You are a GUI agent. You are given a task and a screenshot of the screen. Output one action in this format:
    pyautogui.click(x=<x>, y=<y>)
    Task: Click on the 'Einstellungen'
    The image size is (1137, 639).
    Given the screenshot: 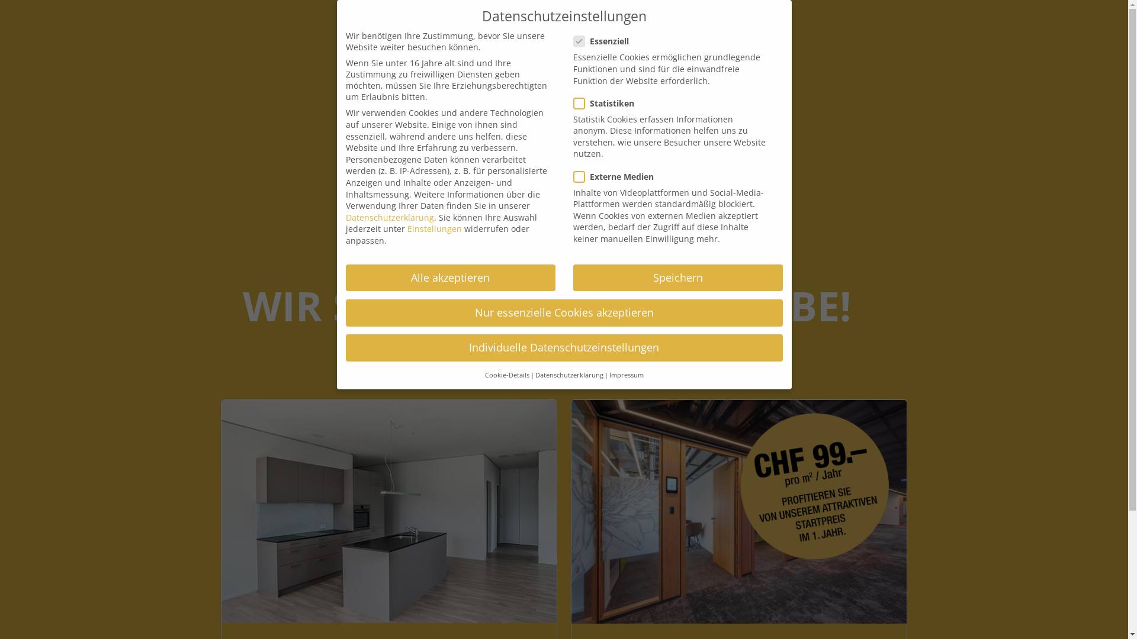 What is the action you would take?
    pyautogui.click(x=434, y=228)
    